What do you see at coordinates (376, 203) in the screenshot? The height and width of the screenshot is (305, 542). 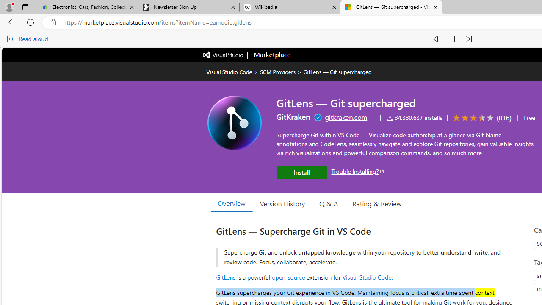 I see `'Rating & Review'` at bounding box center [376, 203].